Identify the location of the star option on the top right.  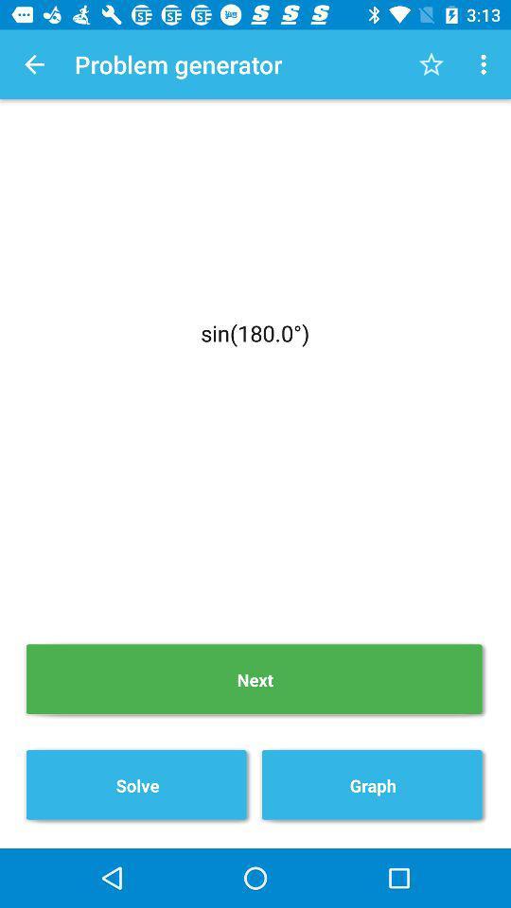
(432, 64).